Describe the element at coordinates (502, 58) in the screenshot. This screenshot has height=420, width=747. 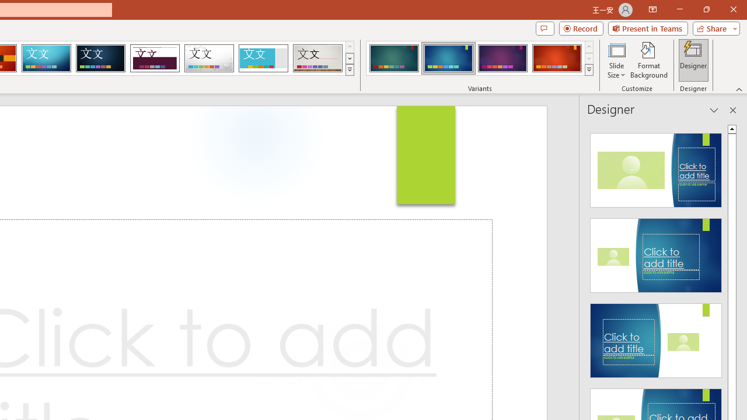
I see `'Ion Variant 3'` at that location.